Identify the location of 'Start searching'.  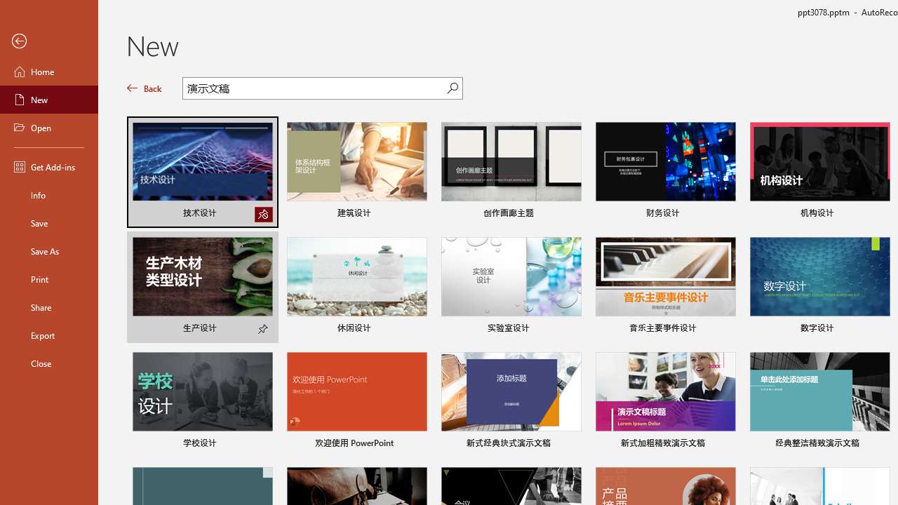
(453, 88).